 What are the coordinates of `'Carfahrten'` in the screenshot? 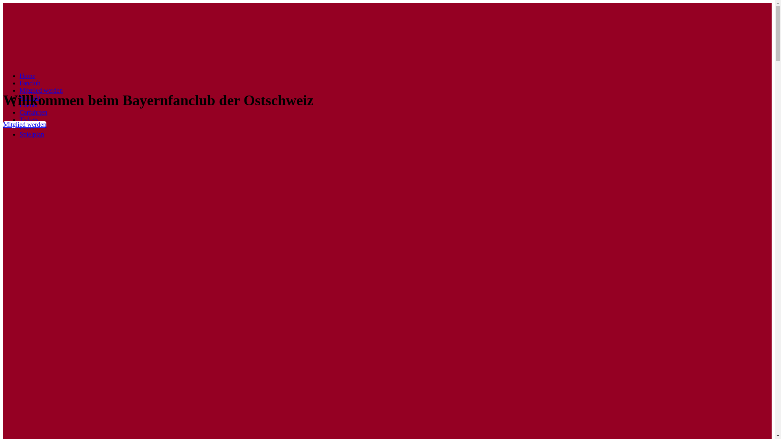 It's located at (33, 112).